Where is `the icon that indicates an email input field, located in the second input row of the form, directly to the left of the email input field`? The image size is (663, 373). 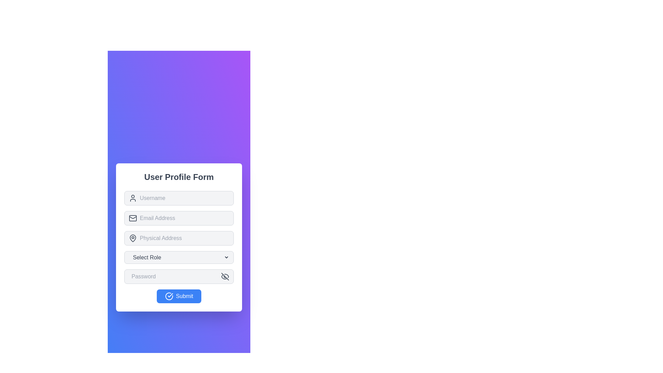 the icon that indicates an email input field, located in the second input row of the form, directly to the left of the email input field is located at coordinates (133, 218).